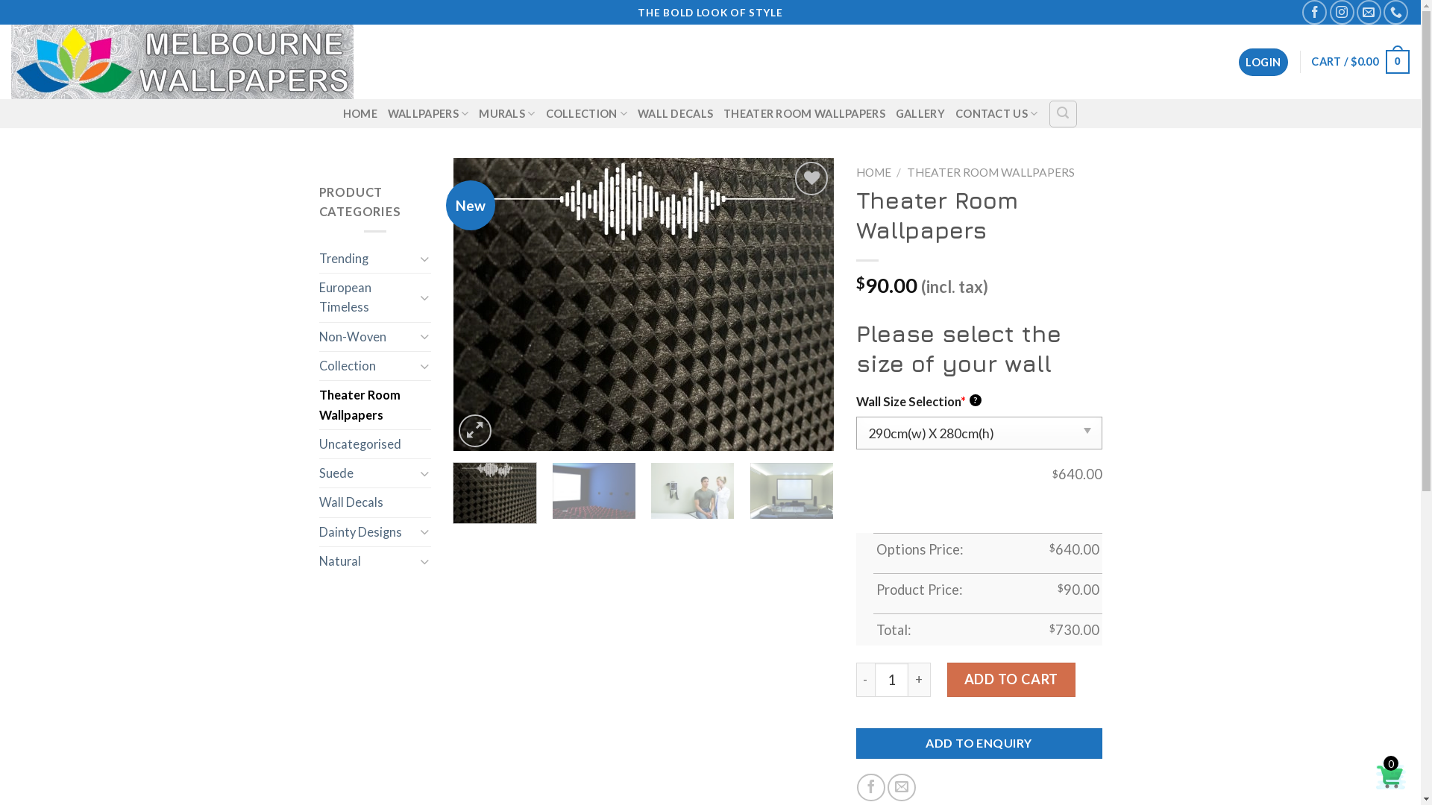 The image size is (1432, 805). I want to click on 'CONTACT US', so click(955, 113).